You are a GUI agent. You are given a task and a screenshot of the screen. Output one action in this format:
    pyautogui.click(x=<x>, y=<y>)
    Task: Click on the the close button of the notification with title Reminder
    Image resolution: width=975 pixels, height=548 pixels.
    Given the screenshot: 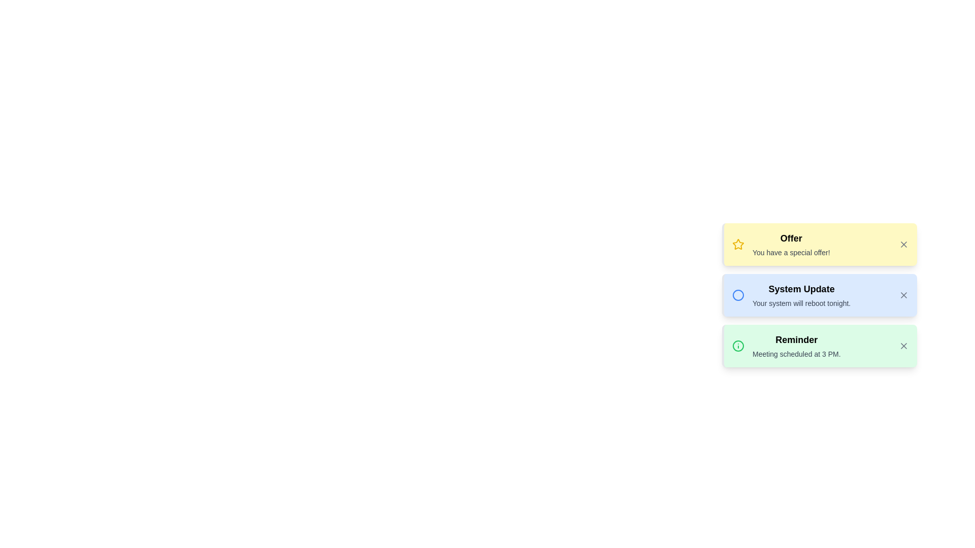 What is the action you would take?
    pyautogui.click(x=904, y=346)
    